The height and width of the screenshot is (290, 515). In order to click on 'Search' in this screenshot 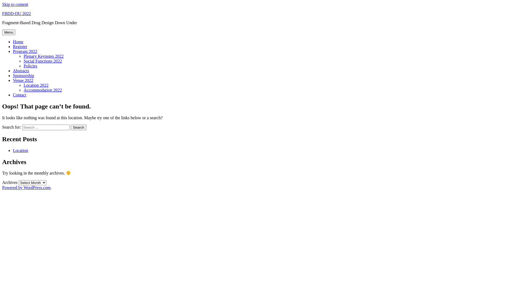, I will do `click(78, 127)`.